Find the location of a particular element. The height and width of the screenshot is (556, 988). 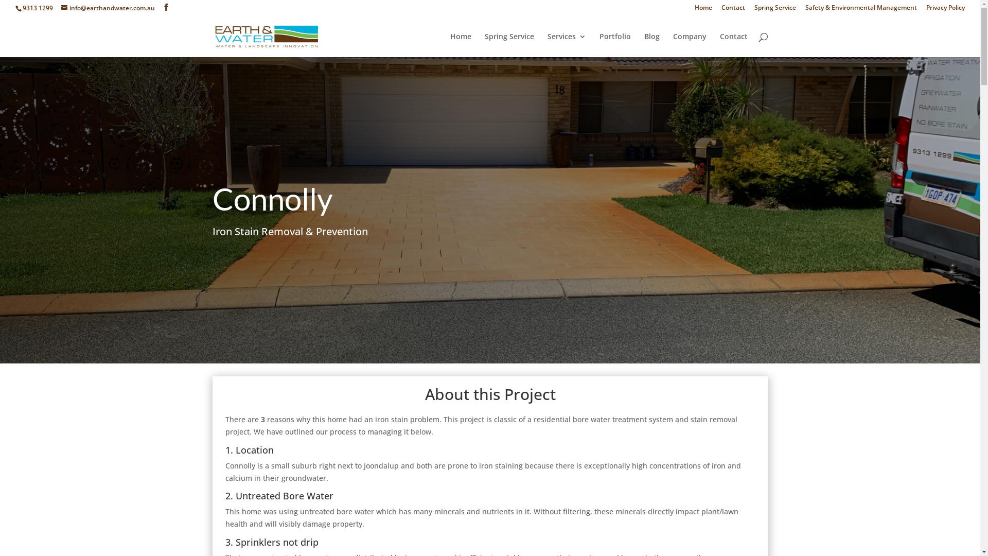

'Spring Service' is located at coordinates (775, 10).